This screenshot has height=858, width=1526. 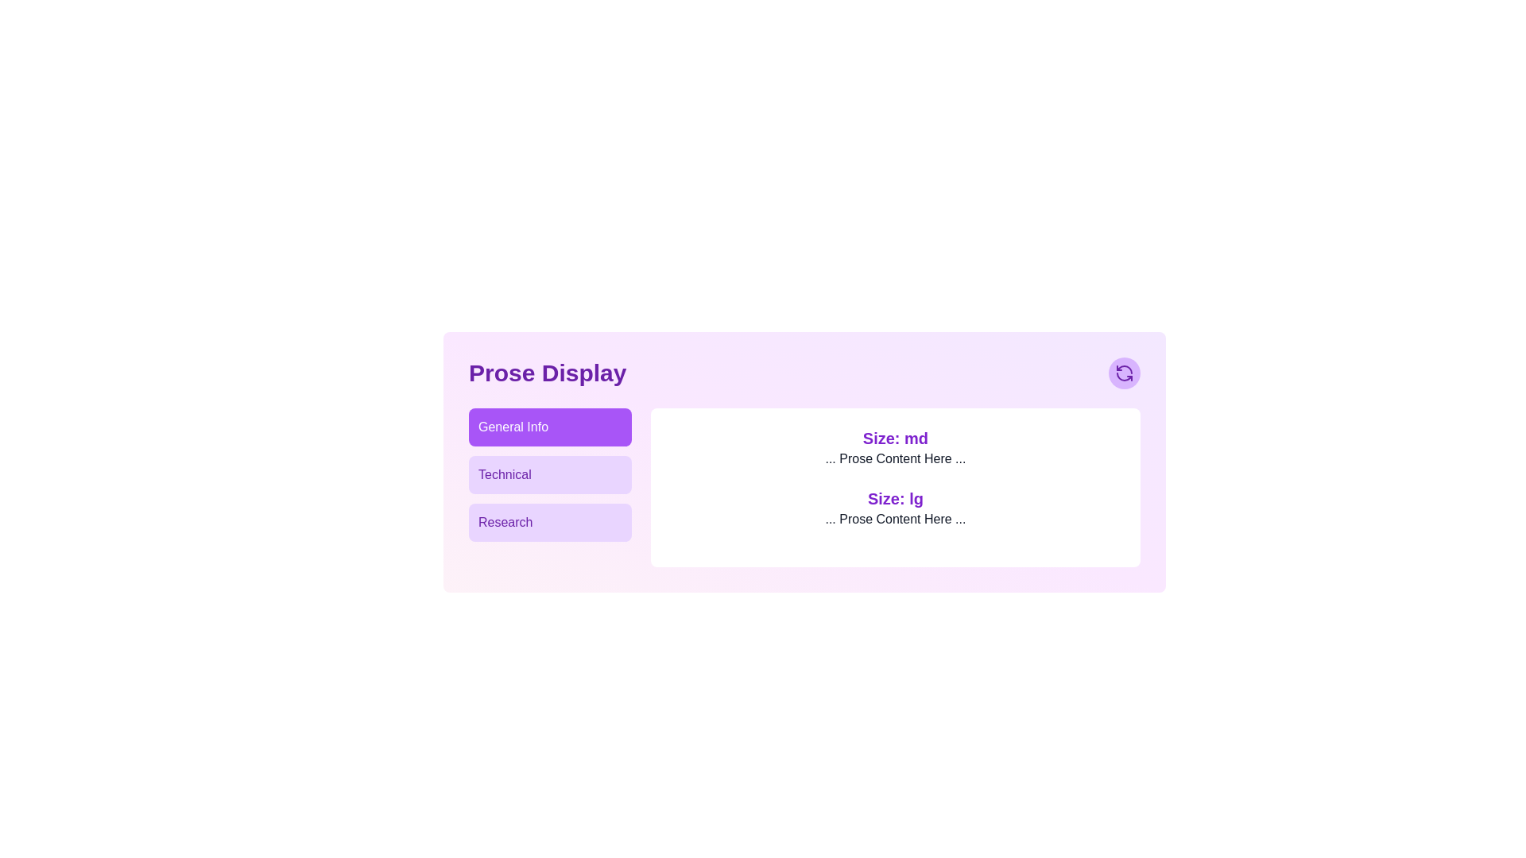 What do you see at coordinates (1124, 373) in the screenshot?
I see `the refresh button with an icon located in the top right corner of the 'Prose Display' panel` at bounding box center [1124, 373].